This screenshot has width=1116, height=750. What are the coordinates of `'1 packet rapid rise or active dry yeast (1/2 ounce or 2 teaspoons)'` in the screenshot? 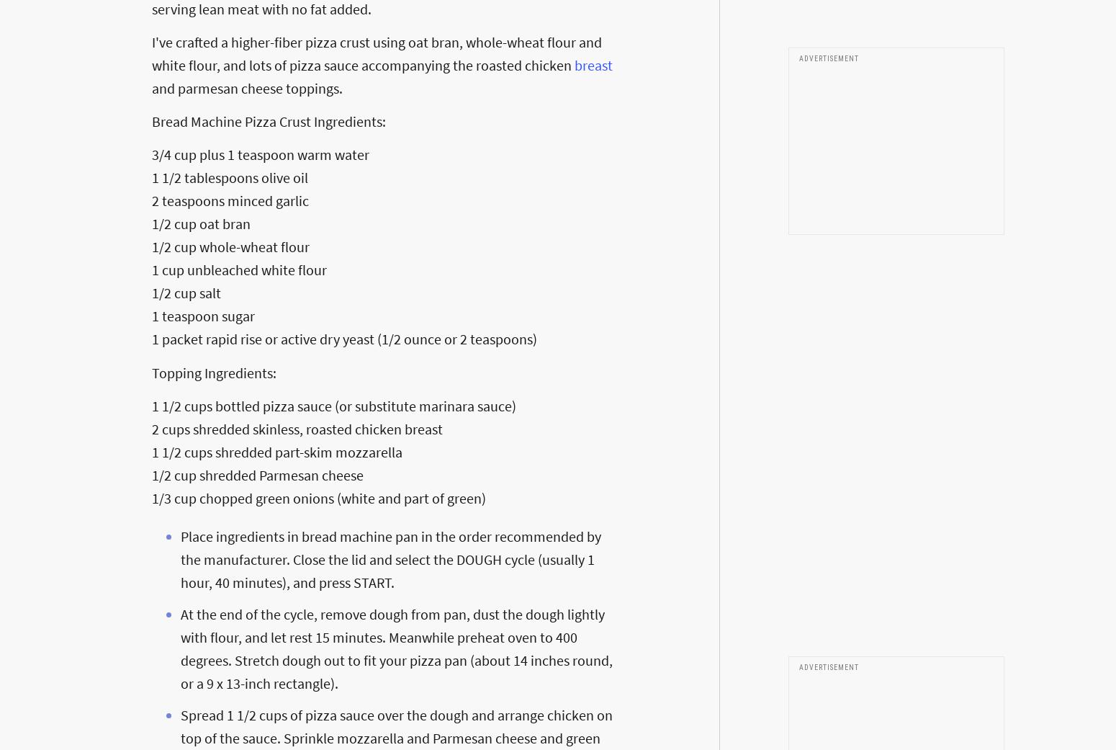 It's located at (343, 338).